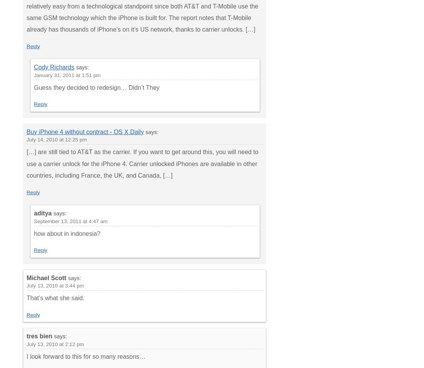  I want to click on '[…] are still tied to AT&T as the carrier. If you want to get around this, you will need to use a carrier unlock for the iPhone 4. Carrier unlocked iPhones are available in other countries, including France, the UK, and Canada, […]', so click(142, 163).